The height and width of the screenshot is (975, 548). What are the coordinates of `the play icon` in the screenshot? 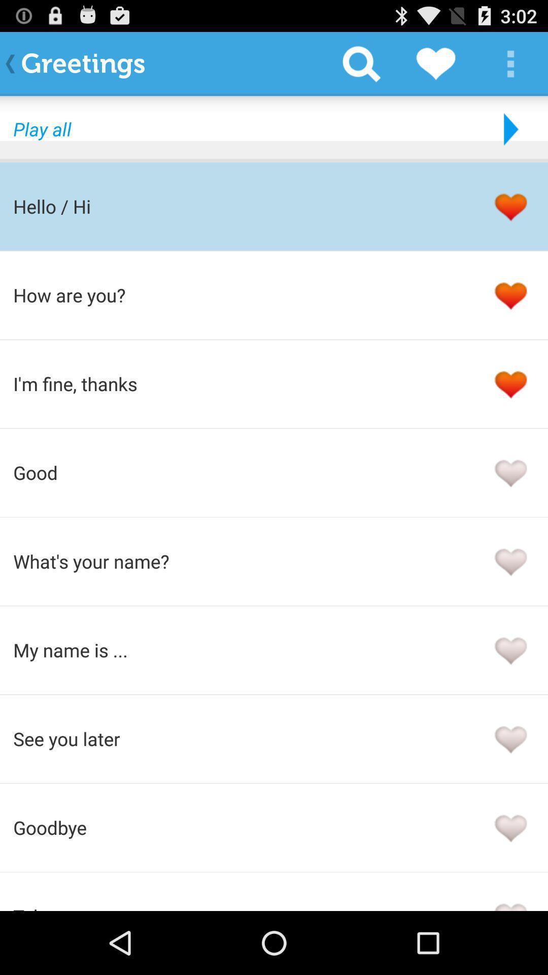 It's located at (508, 138).